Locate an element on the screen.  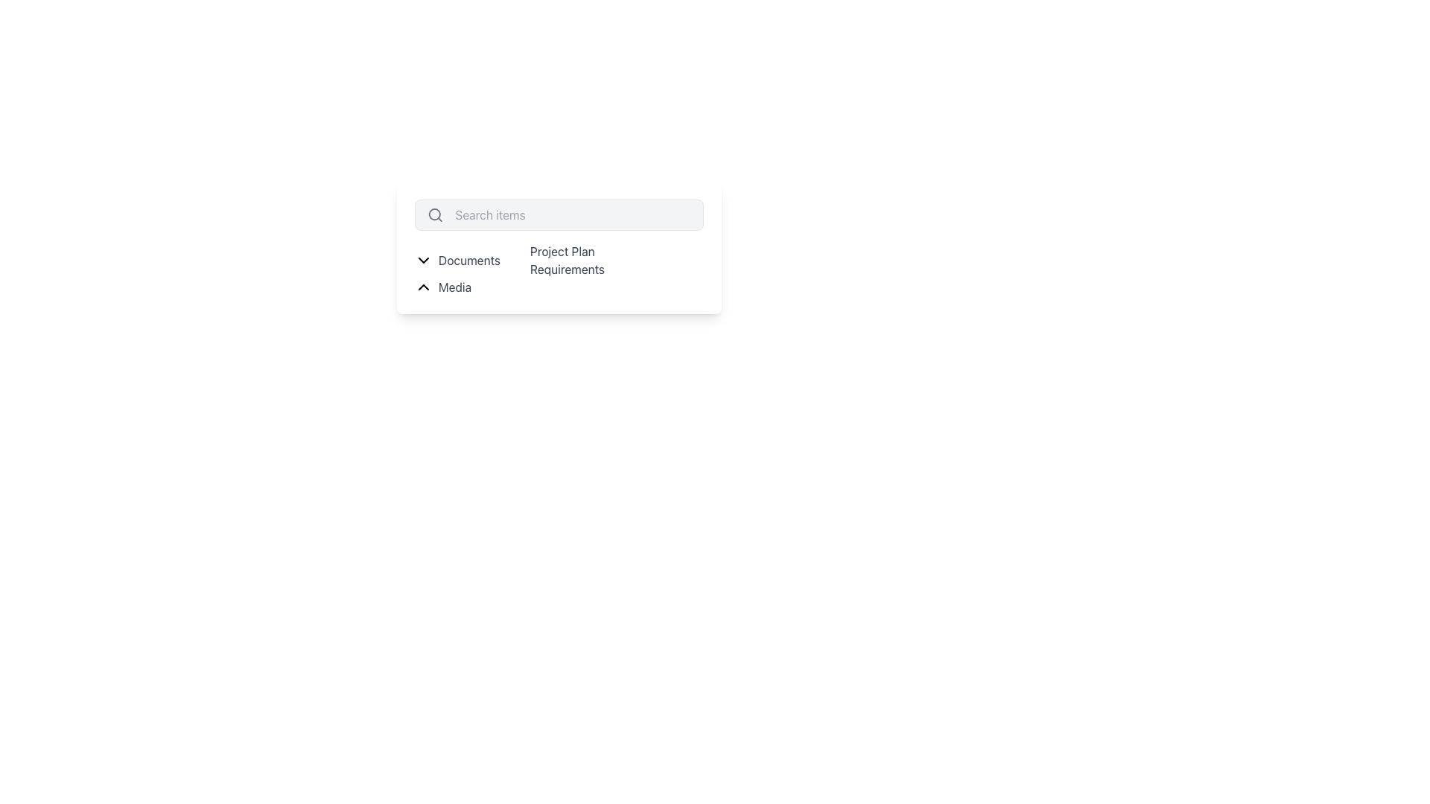
the toggle button (chevron) located to the left of the 'Documents' text is located at coordinates (423, 260).